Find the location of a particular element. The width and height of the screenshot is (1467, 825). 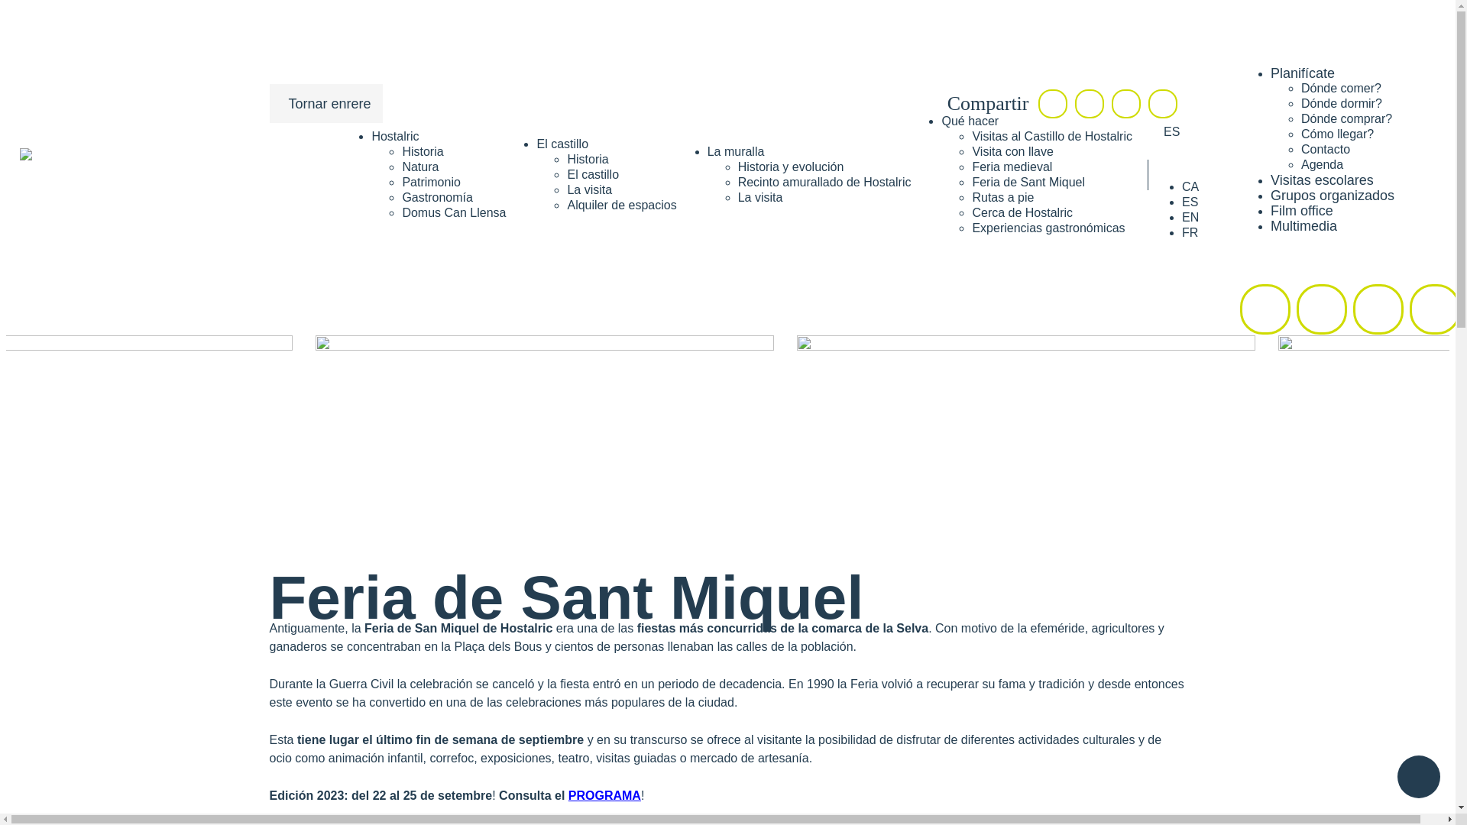

'Visitas escolares' is located at coordinates (1321, 179).